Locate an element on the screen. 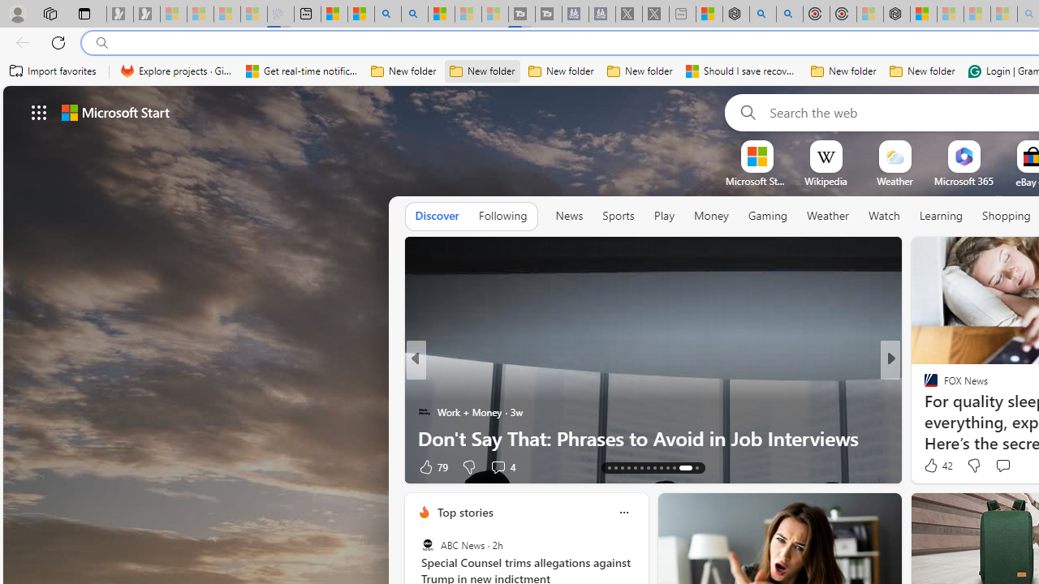 The width and height of the screenshot is (1039, 584). 'AutomationID: tab-19' is located at coordinates (647, 468).